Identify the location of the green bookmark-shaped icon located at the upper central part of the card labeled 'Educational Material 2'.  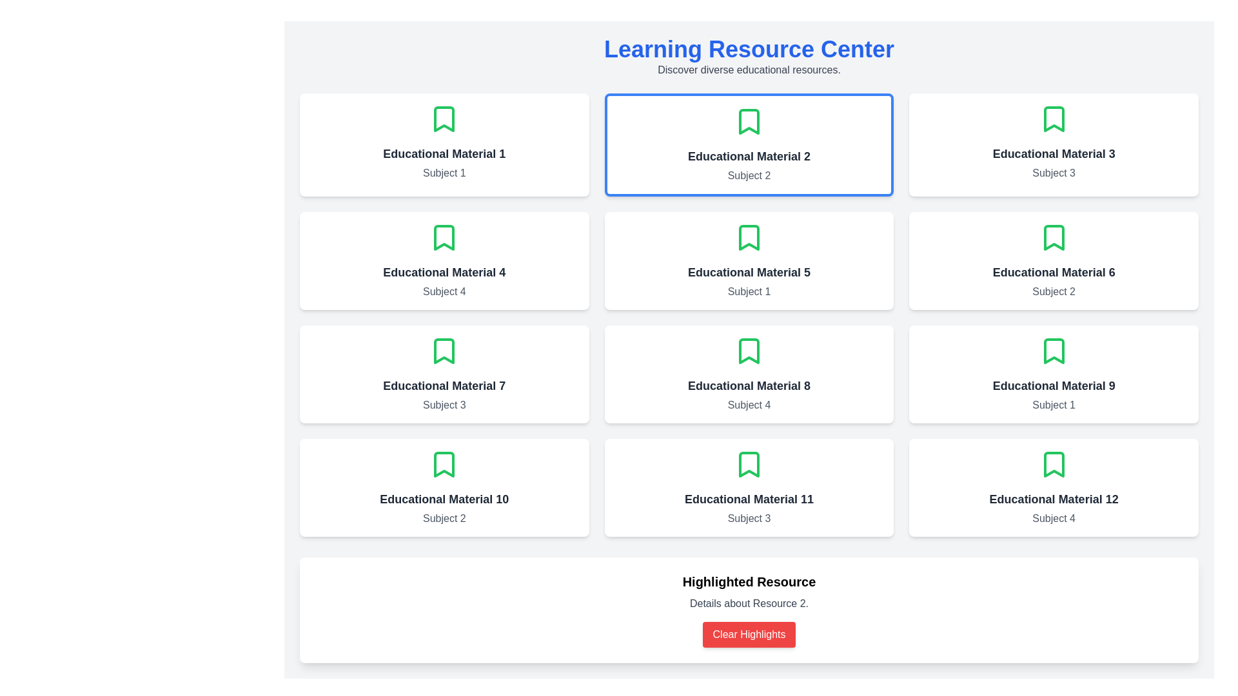
(749, 122).